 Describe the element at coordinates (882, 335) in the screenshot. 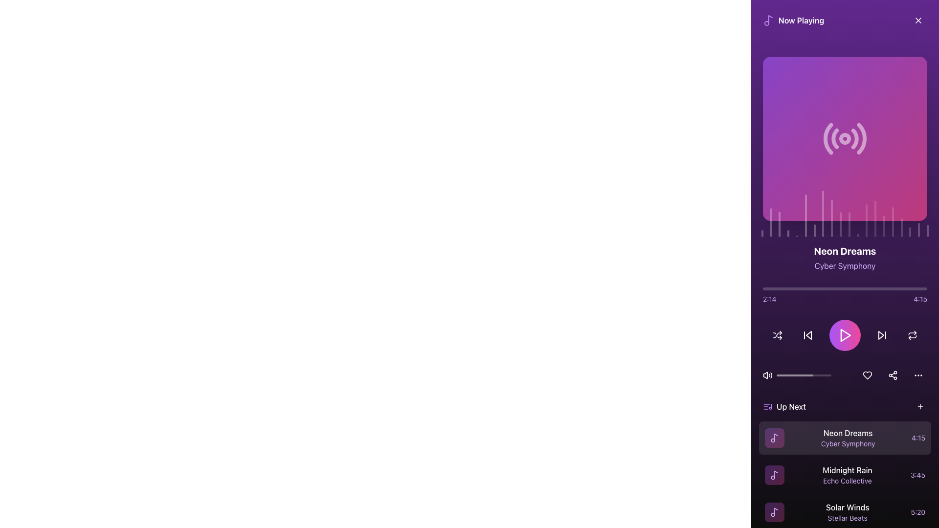

I see `the 'Skip Forward' button, which is the rightmost graphical button represented by an SVG icon in the bottom controls section of the media player interface` at that location.